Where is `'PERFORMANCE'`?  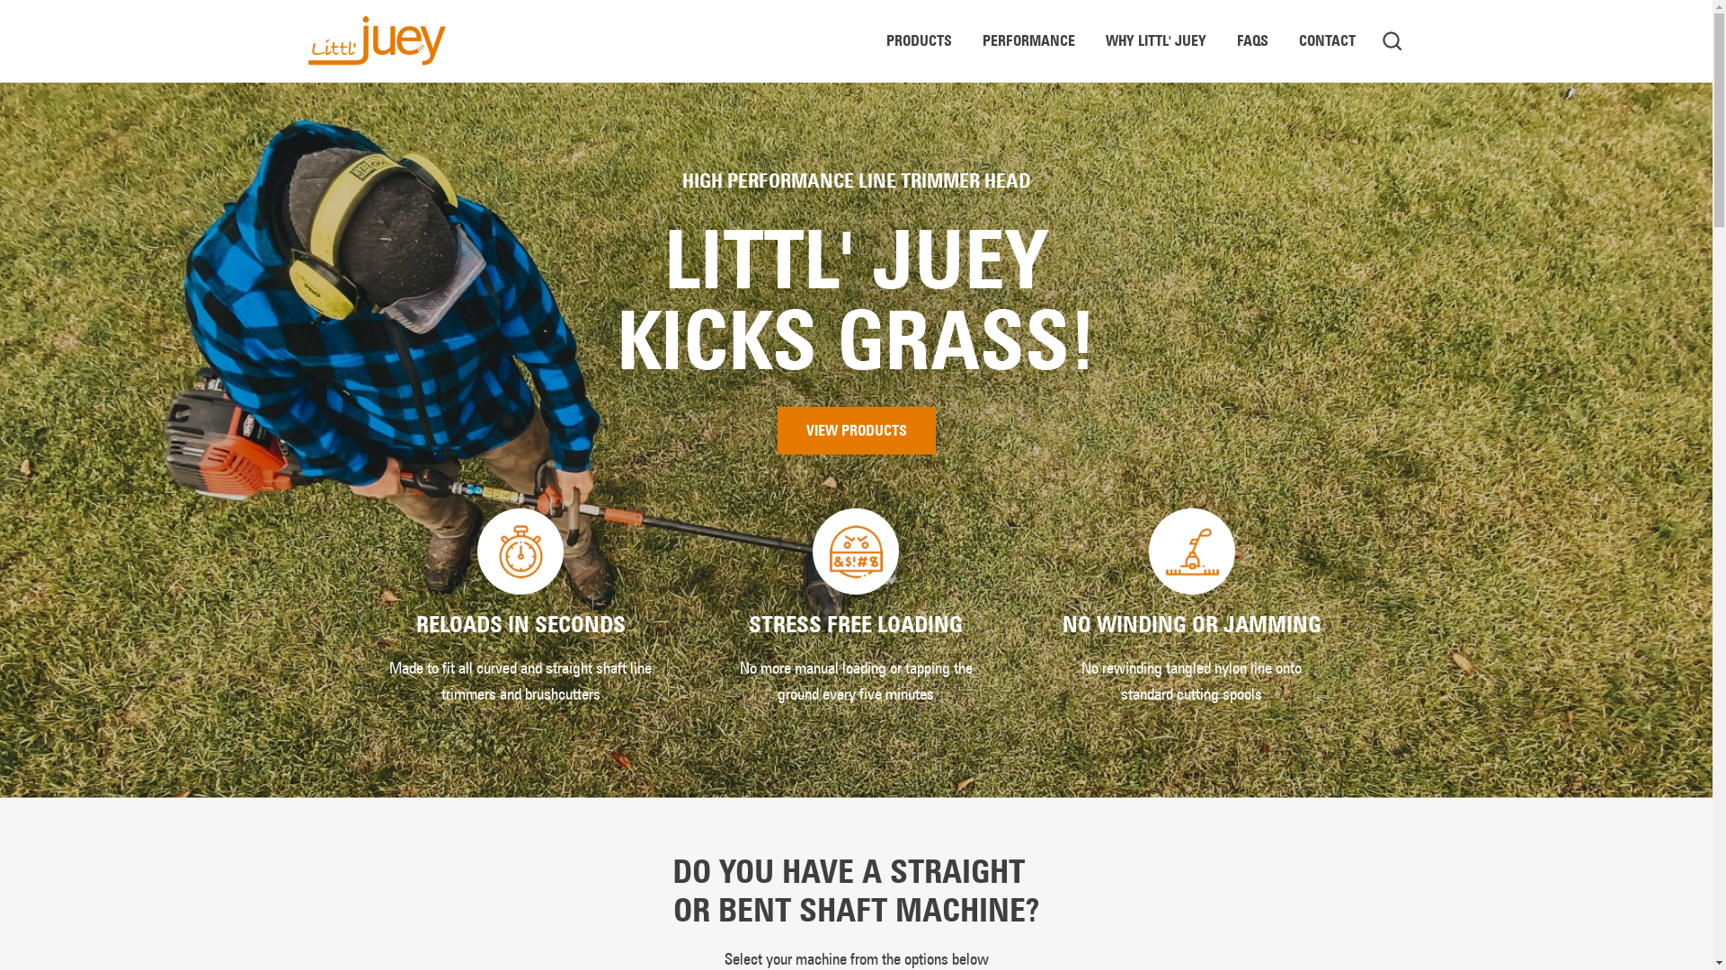
'PERFORMANCE' is located at coordinates (1028, 40).